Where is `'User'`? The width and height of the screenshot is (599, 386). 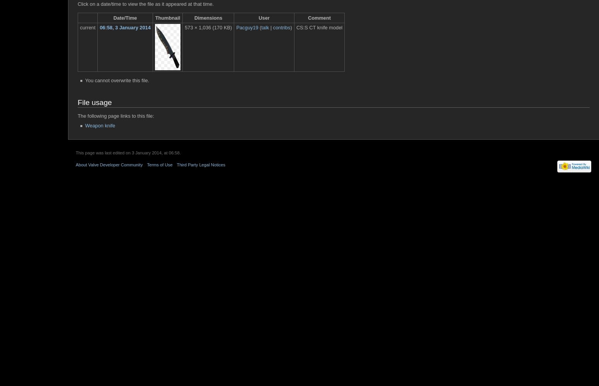
'User' is located at coordinates (258, 17).